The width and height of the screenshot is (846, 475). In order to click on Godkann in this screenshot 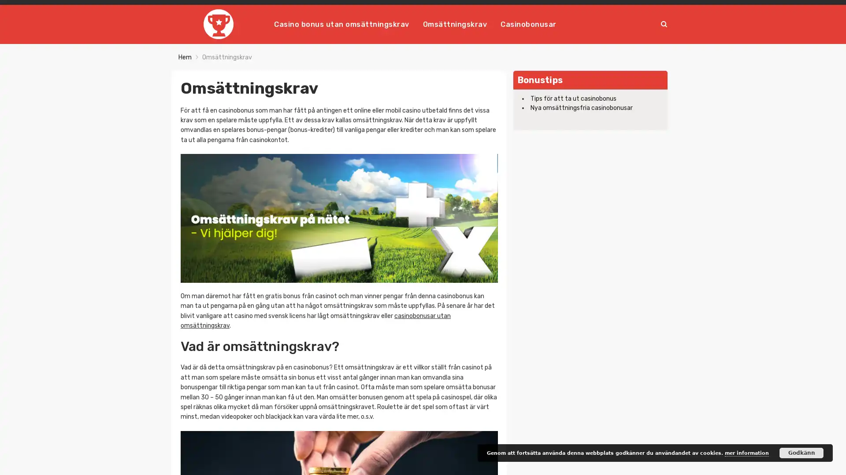, I will do `click(801, 453)`.